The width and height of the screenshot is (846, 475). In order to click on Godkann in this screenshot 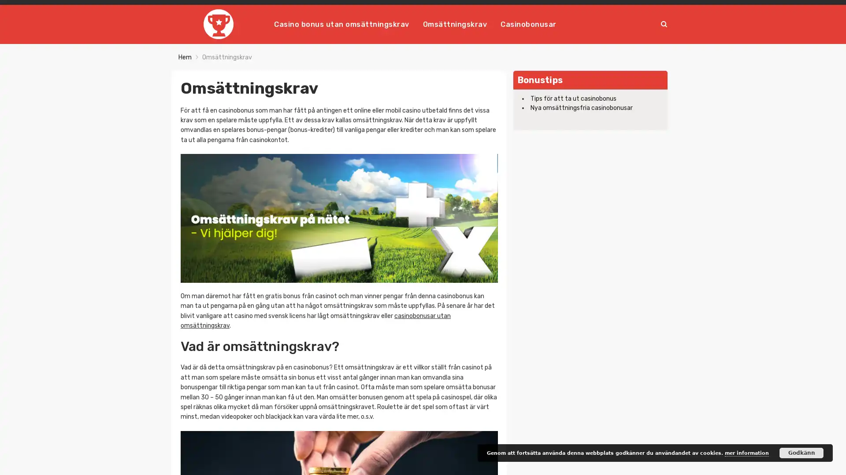, I will do `click(801, 453)`.